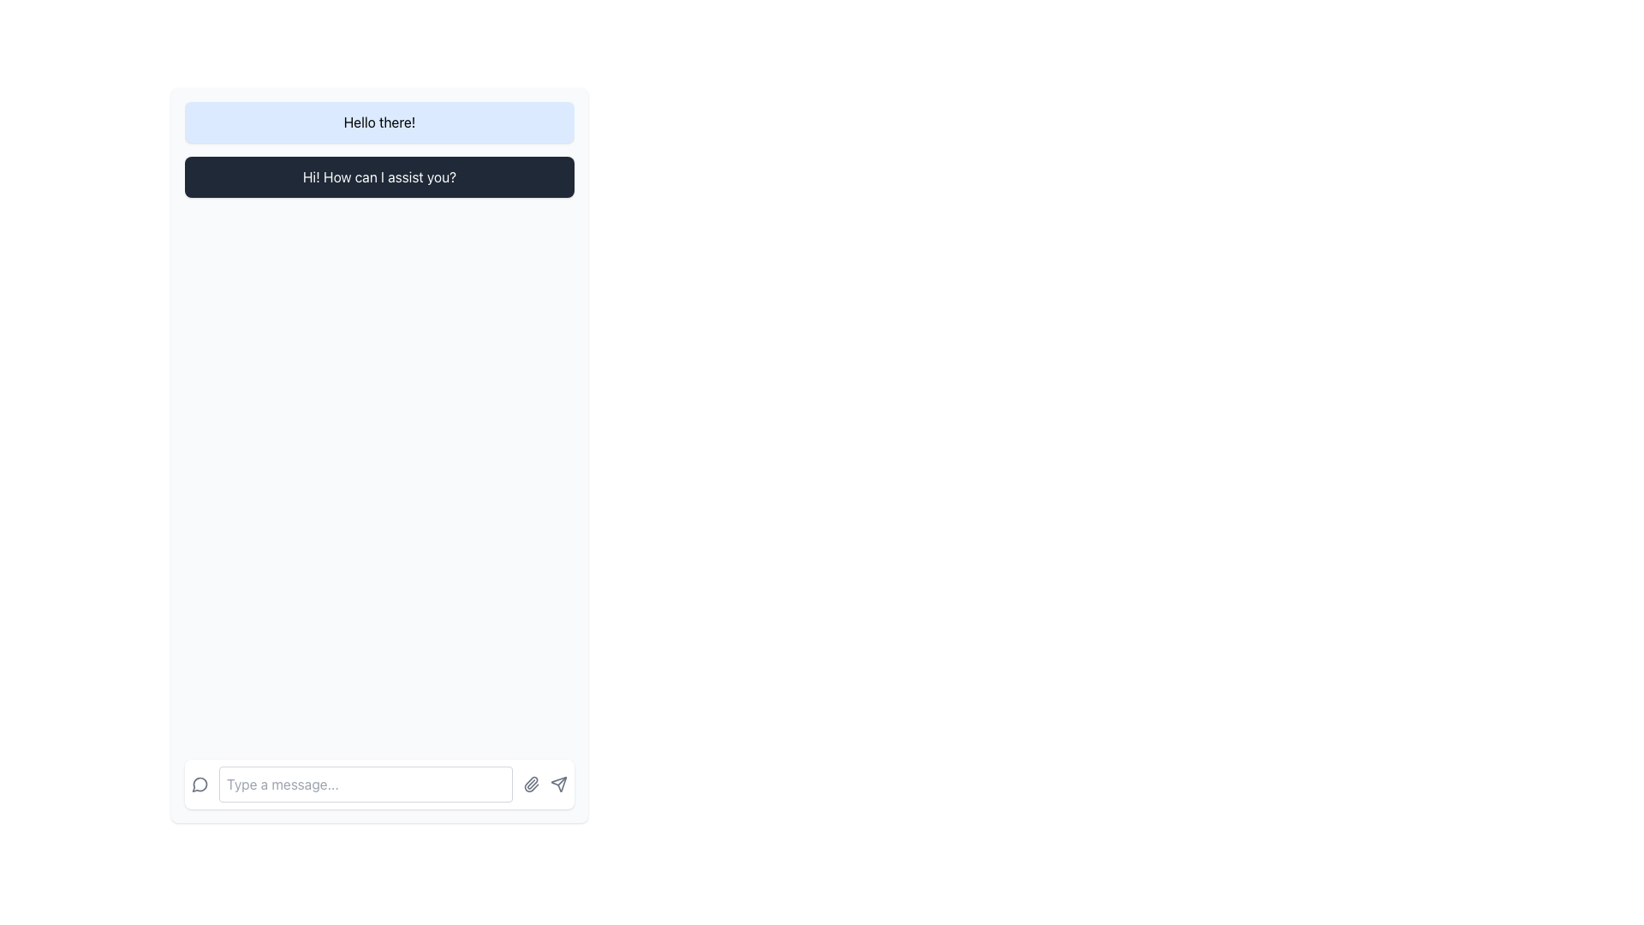  Describe the element at coordinates (562, 780) in the screenshot. I see `the diagonal arrow icon in the bottom-right corner of the interface` at that location.